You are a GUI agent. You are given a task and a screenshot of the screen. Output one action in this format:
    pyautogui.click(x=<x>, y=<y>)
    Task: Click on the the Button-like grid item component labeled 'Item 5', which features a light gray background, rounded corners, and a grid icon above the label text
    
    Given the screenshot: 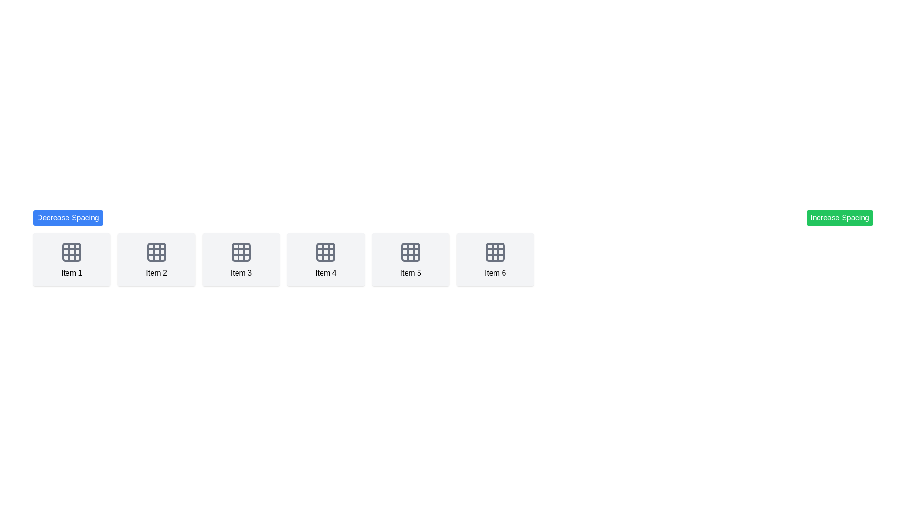 What is the action you would take?
    pyautogui.click(x=410, y=260)
    